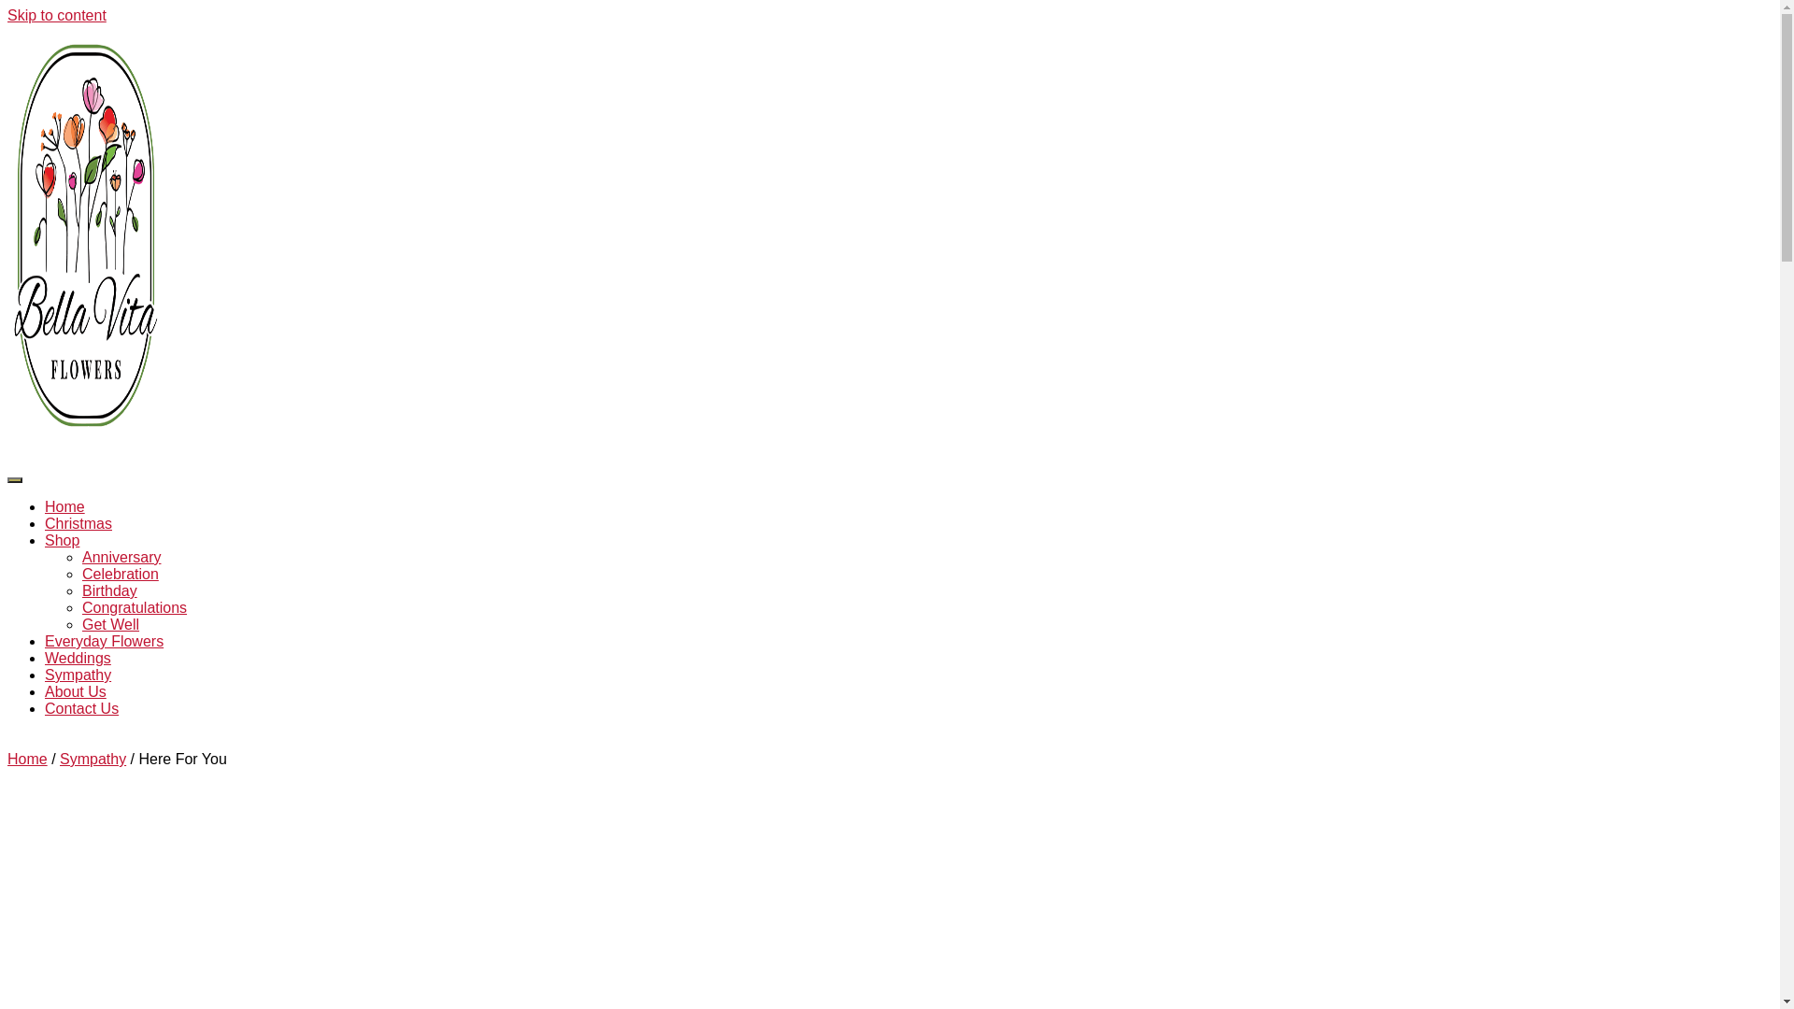 Image resolution: width=1794 pixels, height=1009 pixels. I want to click on 'About Us', so click(75, 691).